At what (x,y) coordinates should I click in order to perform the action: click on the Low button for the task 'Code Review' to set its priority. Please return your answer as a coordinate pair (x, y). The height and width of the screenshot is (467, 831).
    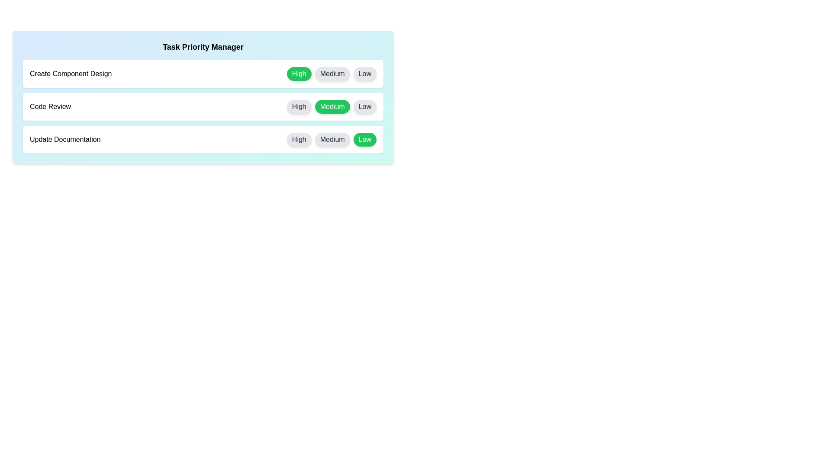
    Looking at the image, I should click on (365, 106).